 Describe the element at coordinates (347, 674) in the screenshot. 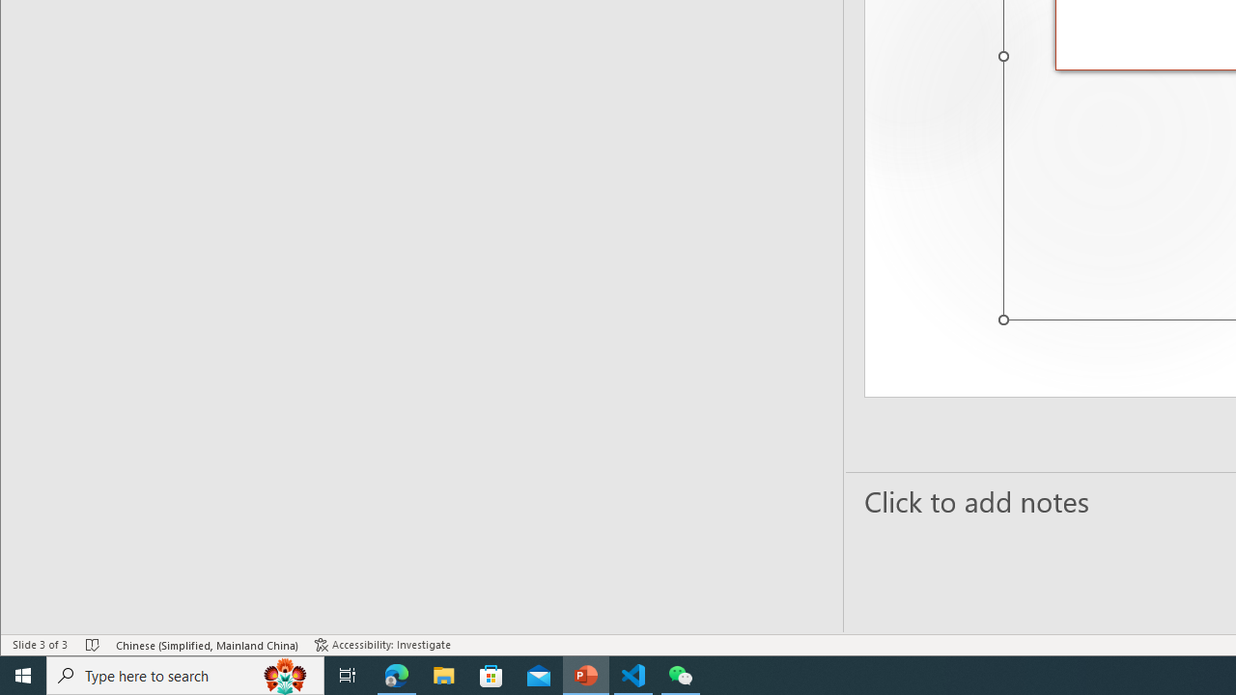

I see `'Task View'` at that location.